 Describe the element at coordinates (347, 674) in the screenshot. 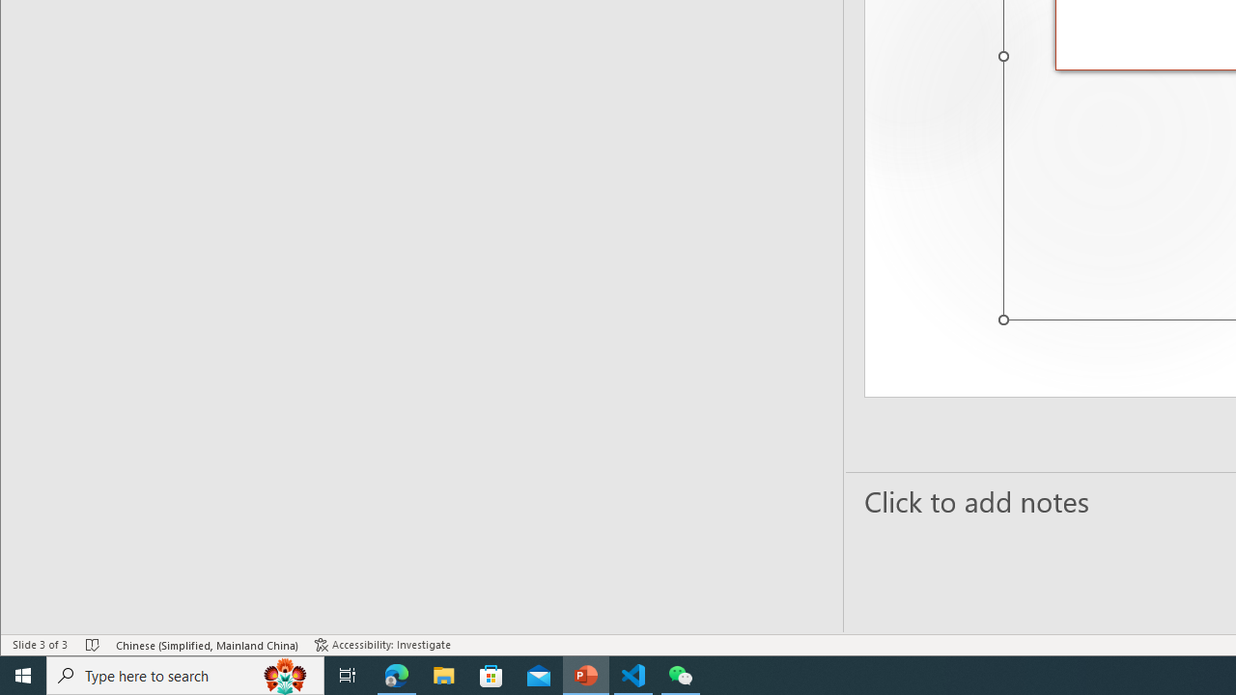

I see `'Task View'` at that location.